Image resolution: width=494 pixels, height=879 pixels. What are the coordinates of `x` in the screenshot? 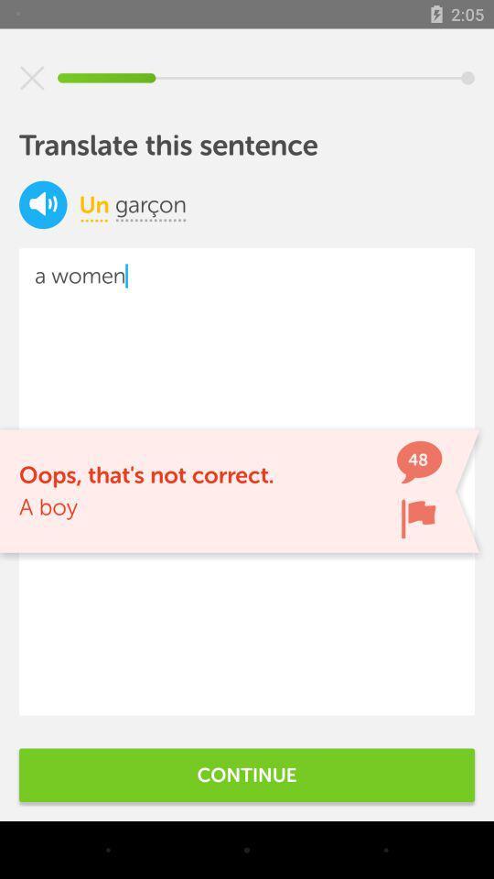 It's located at (32, 78).